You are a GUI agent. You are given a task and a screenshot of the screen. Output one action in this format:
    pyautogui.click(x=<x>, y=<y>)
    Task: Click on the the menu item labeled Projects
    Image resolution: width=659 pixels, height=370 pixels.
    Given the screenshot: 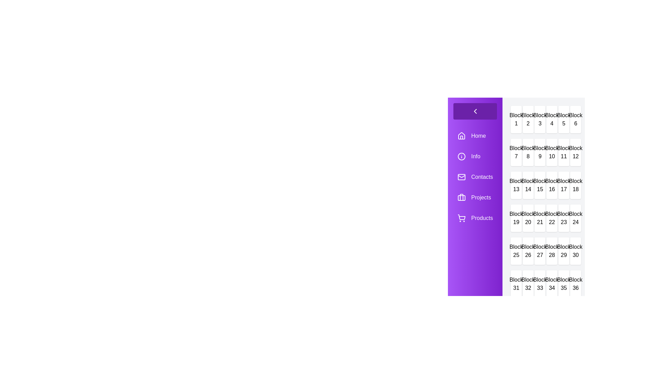 What is the action you would take?
    pyautogui.click(x=475, y=198)
    